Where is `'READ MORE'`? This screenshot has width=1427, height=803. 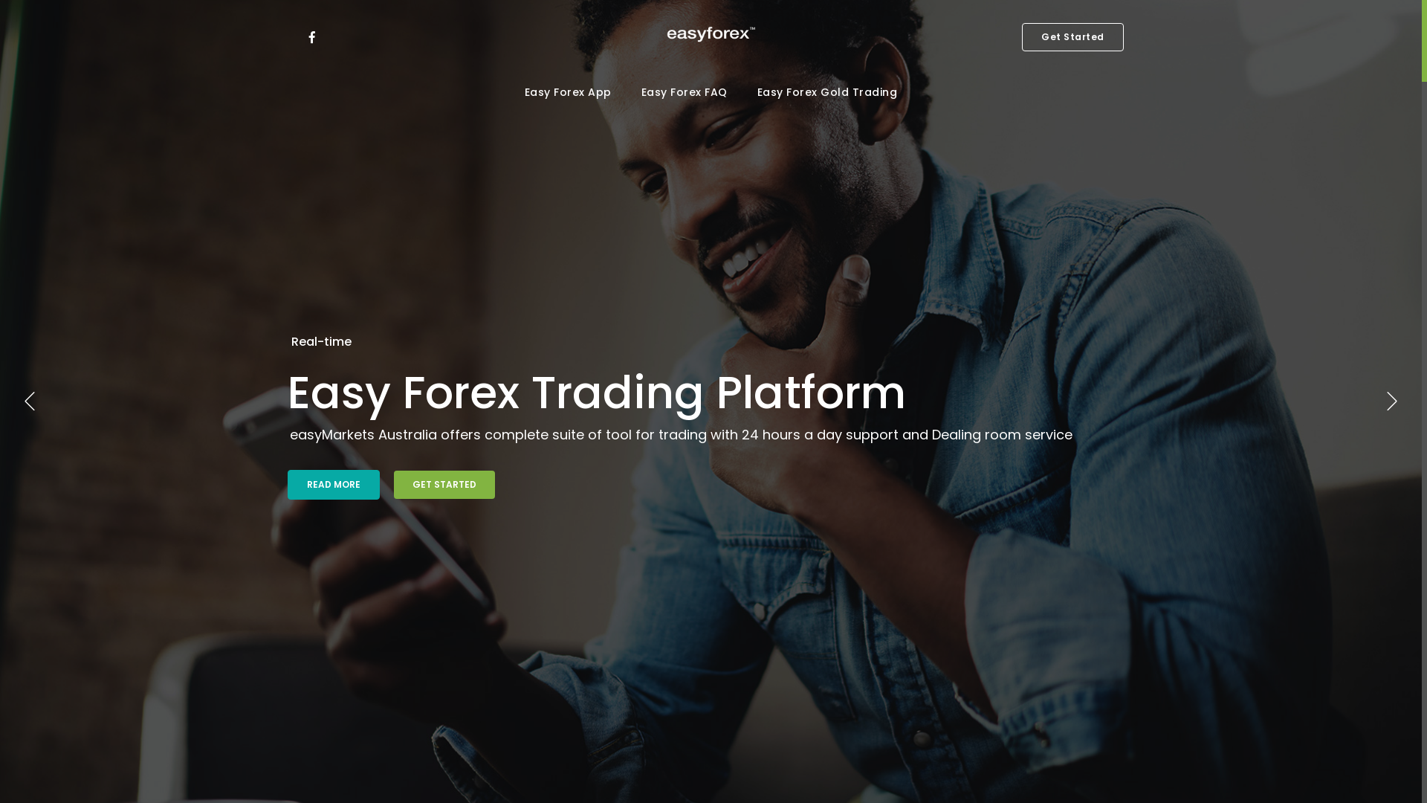
'READ MORE' is located at coordinates (333, 484).